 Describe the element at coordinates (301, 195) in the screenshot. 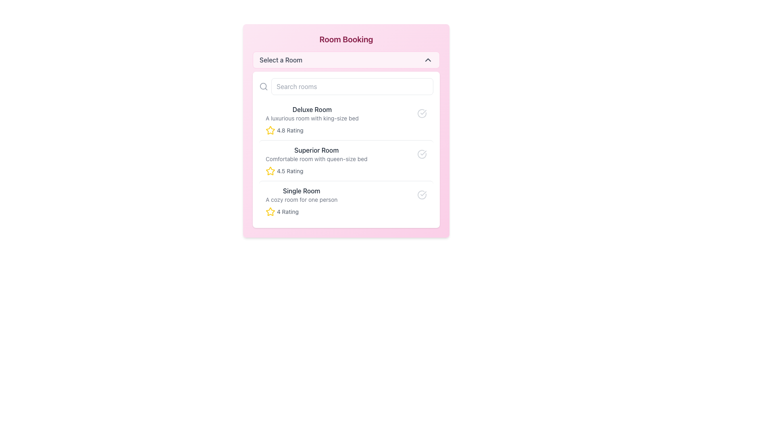

I see `text label that describes the room option located as the third entry in the 'Room Booking' selection interface, situated between the 'Superior Room' entry and a rating indicator` at that location.